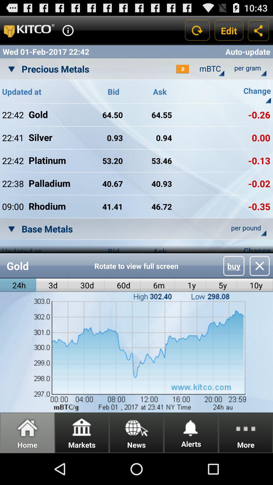 Image resolution: width=273 pixels, height=485 pixels. Describe the element at coordinates (229, 30) in the screenshot. I see `app above auto-update app` at that location.